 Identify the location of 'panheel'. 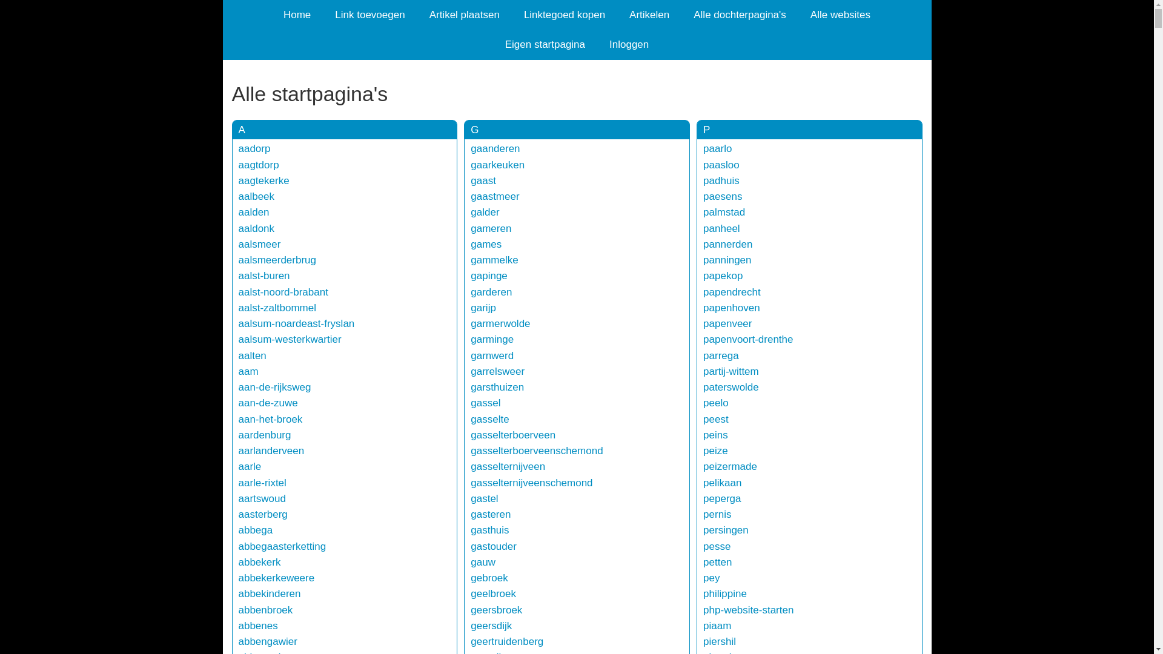
(721, 228).